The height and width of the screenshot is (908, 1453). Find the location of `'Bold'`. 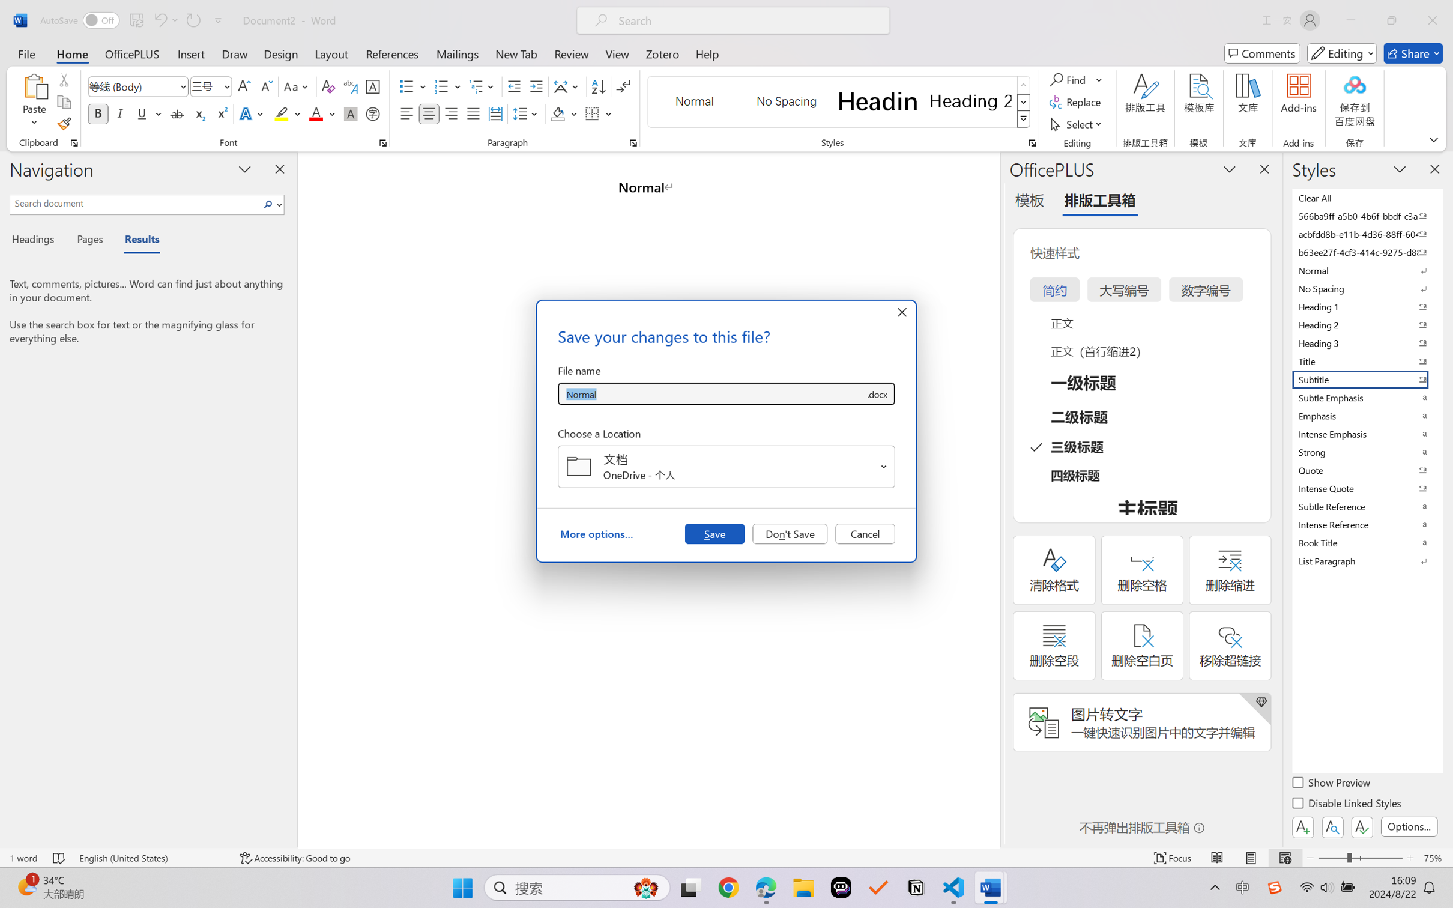

'Bold' is located at coordinates (98, 113).